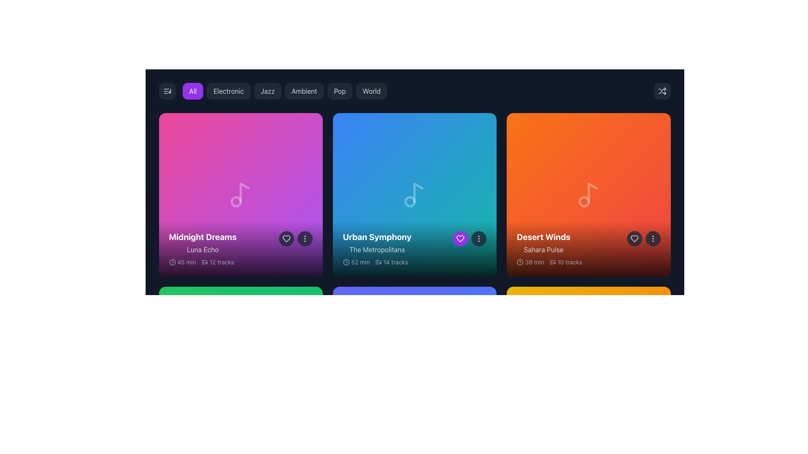 The height and width of the screenshot is (454, 808). I want to click on the text label displaying 'Desert Winds' in bold, white font on an orange background, located at the bottom right of the card, positioned above 'Sahara Pulse', so click(543, 237).